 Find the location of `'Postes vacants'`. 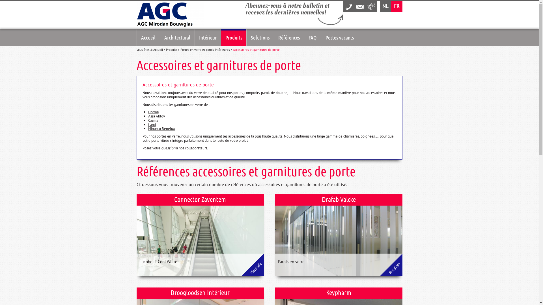

'Postes vacants' is located at coordinates (339, 37).